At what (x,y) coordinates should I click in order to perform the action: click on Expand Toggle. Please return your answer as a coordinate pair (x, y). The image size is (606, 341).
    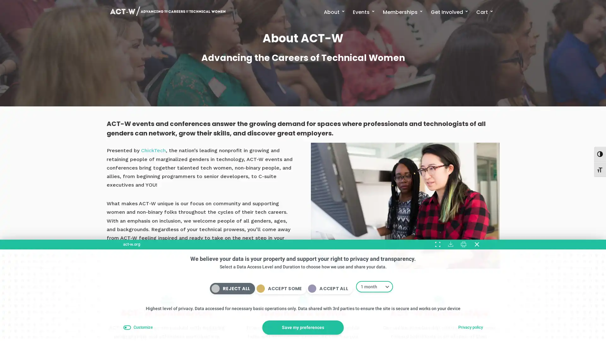
    Looking at the image, I should click on (437, 244).